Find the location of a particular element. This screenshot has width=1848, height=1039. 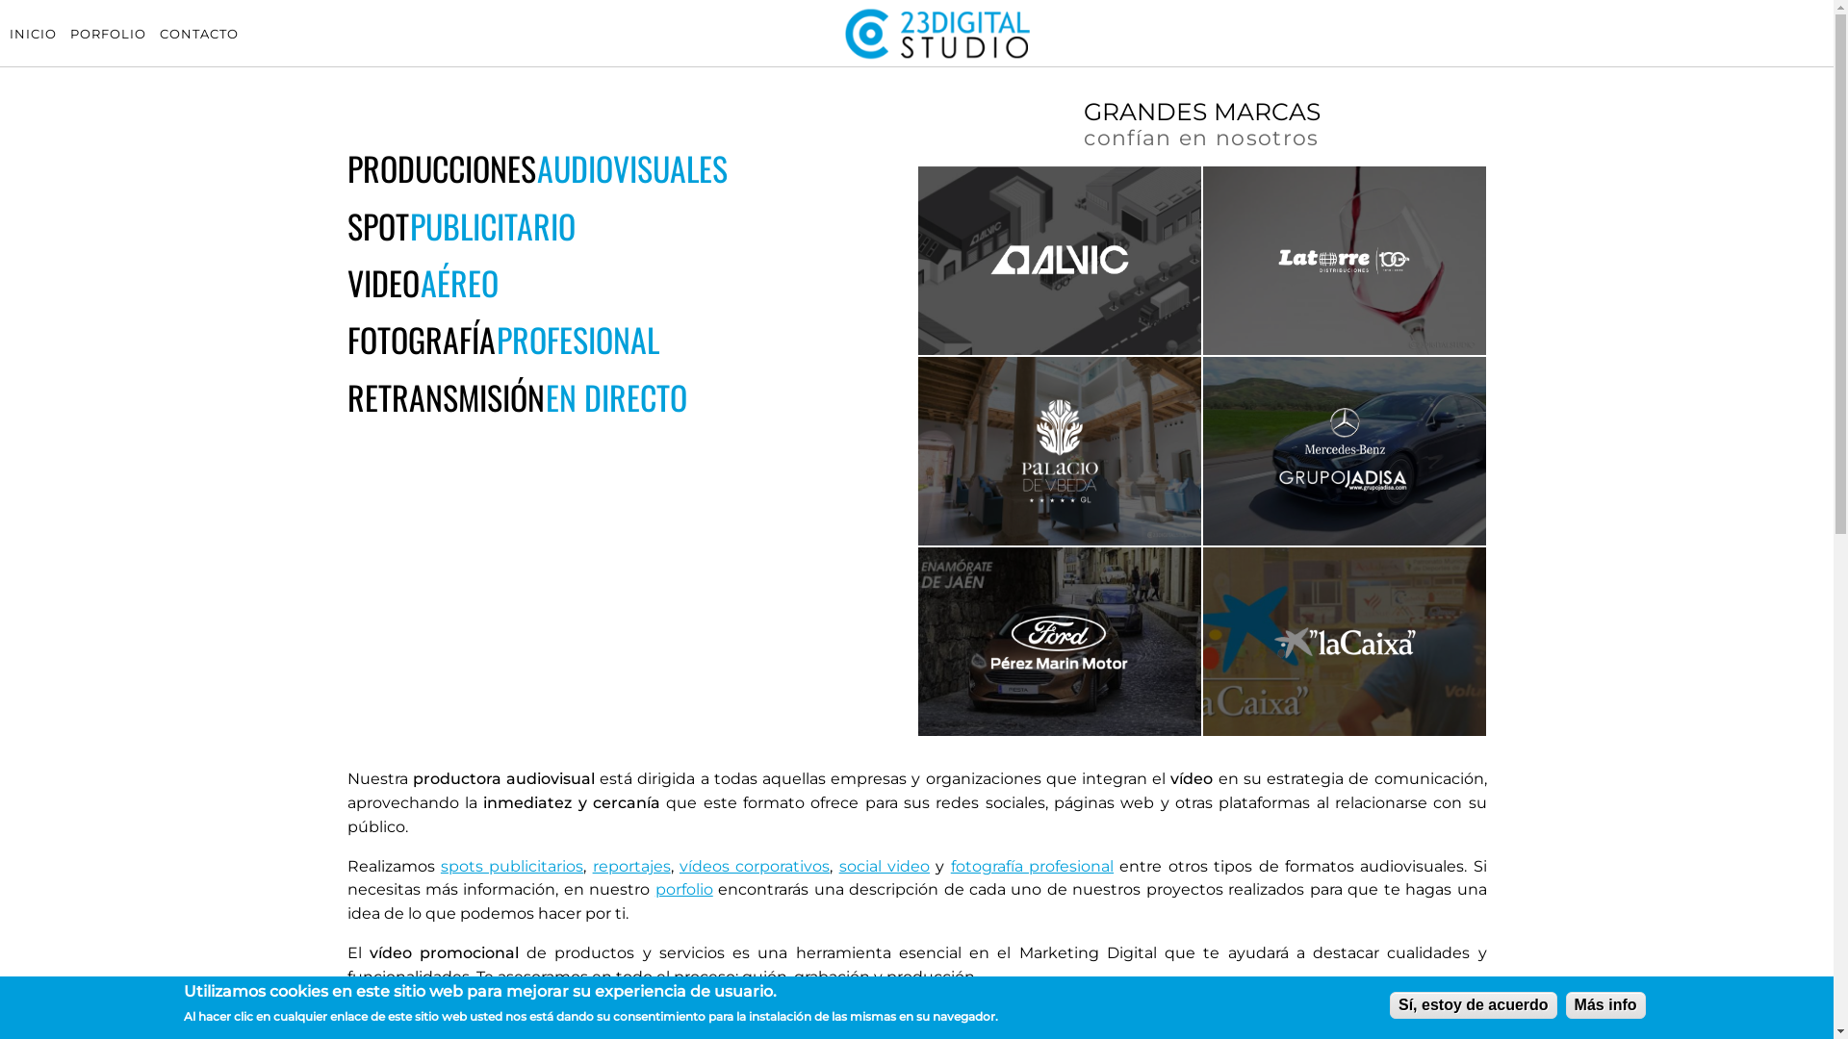

'SPOT PUBLICITARIO' is located at coordinates (459, 225).